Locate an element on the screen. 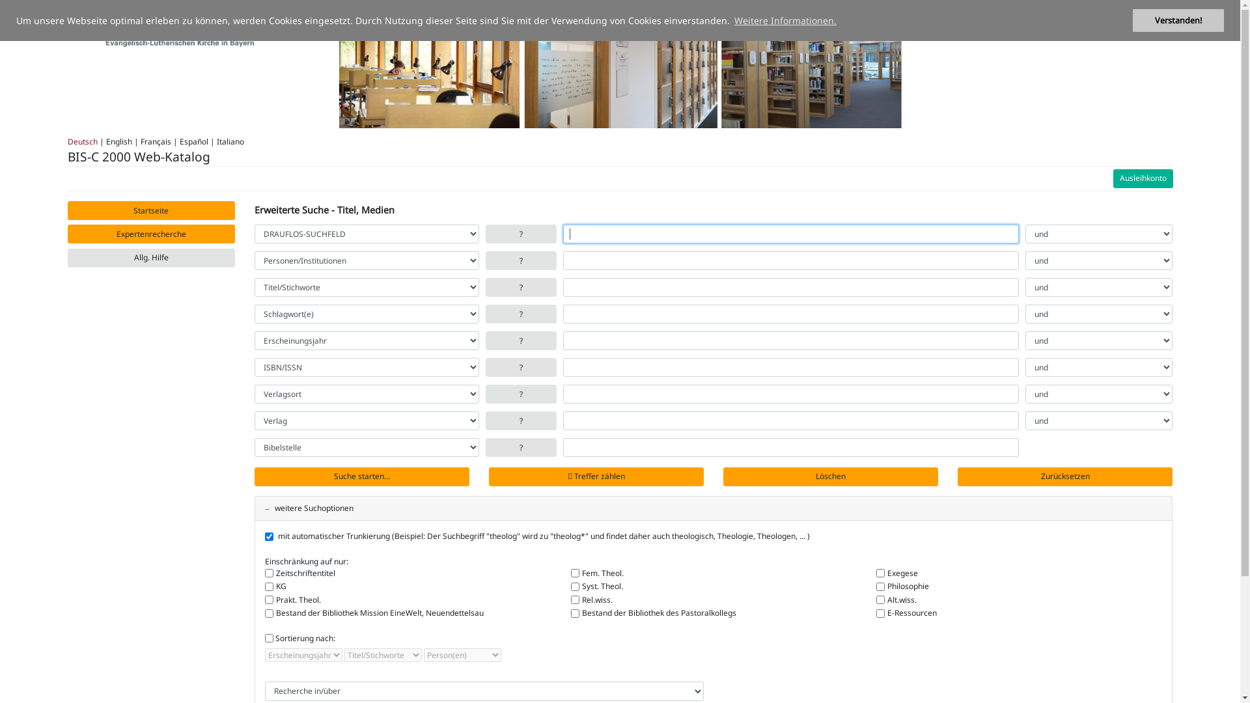 This screenshot has width=1250, height=703. 'English' is located at coordinates (118, 141).